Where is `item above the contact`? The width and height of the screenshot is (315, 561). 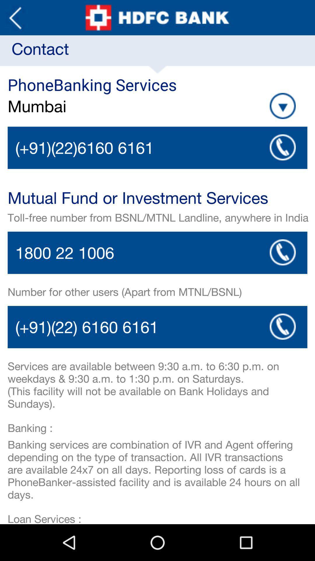 item above the contact is located at coordinates (15, 18).